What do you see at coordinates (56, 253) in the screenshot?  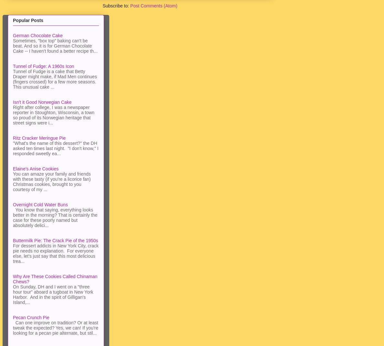 I see `'For dessert addicts in New York City, crack pie needs no explanation.  For everyone else, let's just say that this most delicious trea...'` at bounding box center [56, 253].